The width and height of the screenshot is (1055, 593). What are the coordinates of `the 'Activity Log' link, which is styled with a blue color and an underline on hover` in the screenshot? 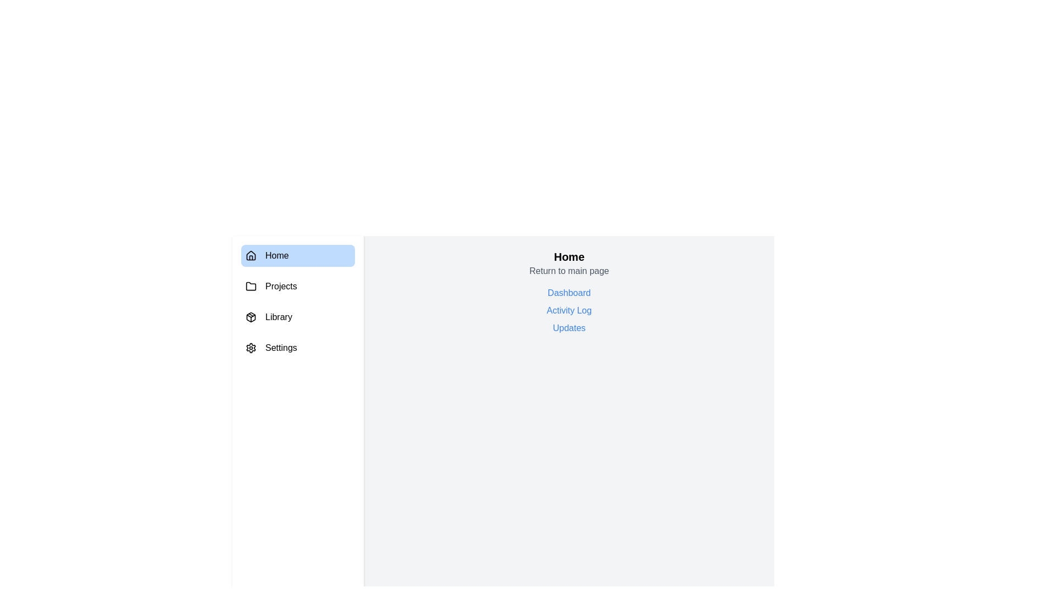 It's located at (569, 311).